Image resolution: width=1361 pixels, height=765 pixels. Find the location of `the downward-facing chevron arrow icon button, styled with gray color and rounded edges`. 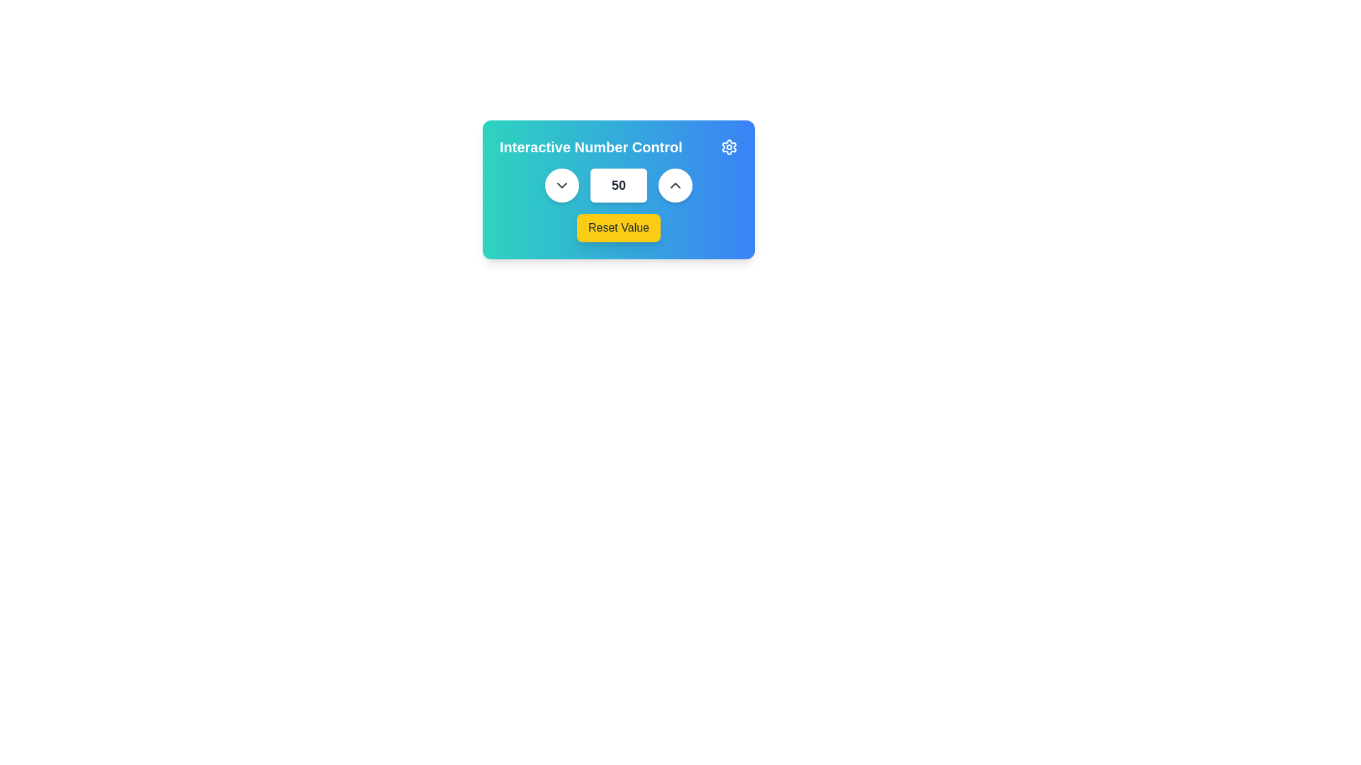

the downward-facing chevron arrow icon button, styled with gray color and rounded edges is located at coordinates (561, 185).